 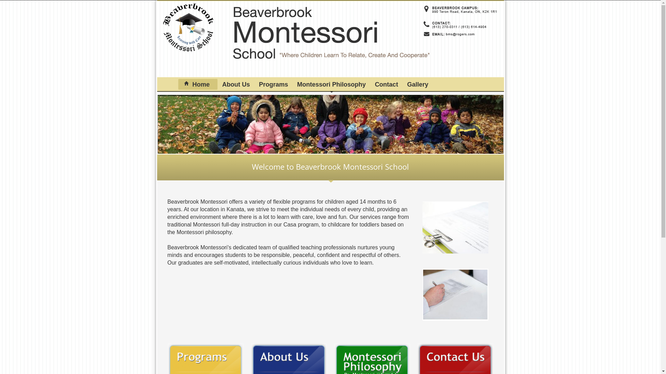 I want to click on 'Gallery', so click(x=417, y=84).